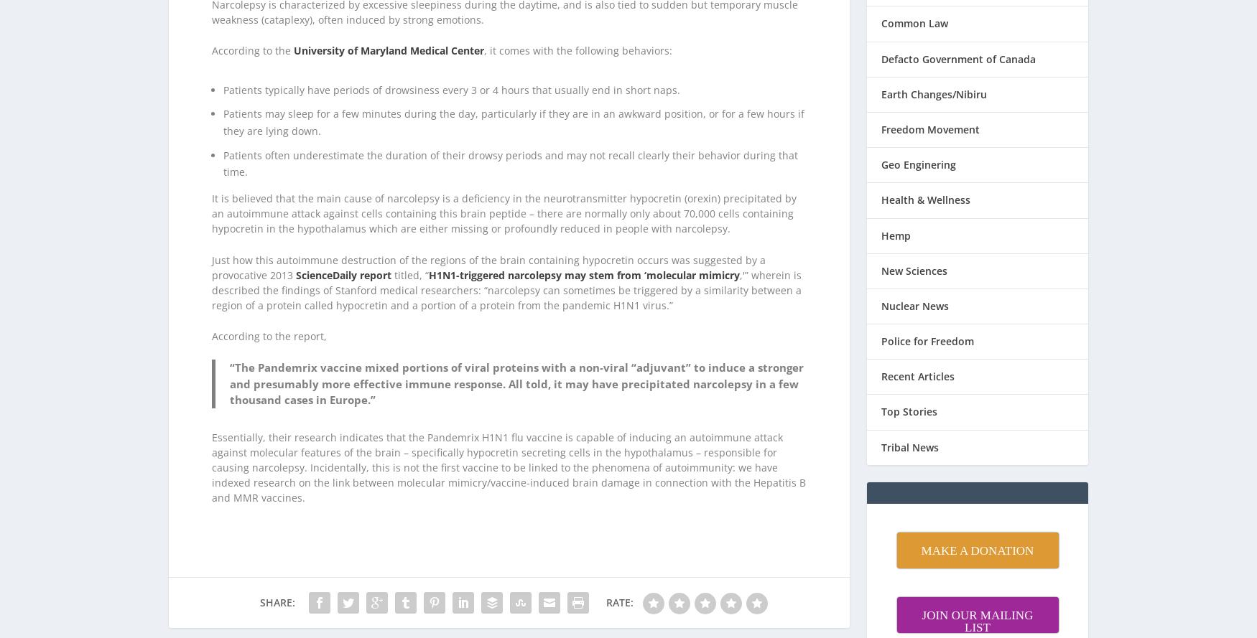  I want to click on 'Nuclear News', so click(914, 287).